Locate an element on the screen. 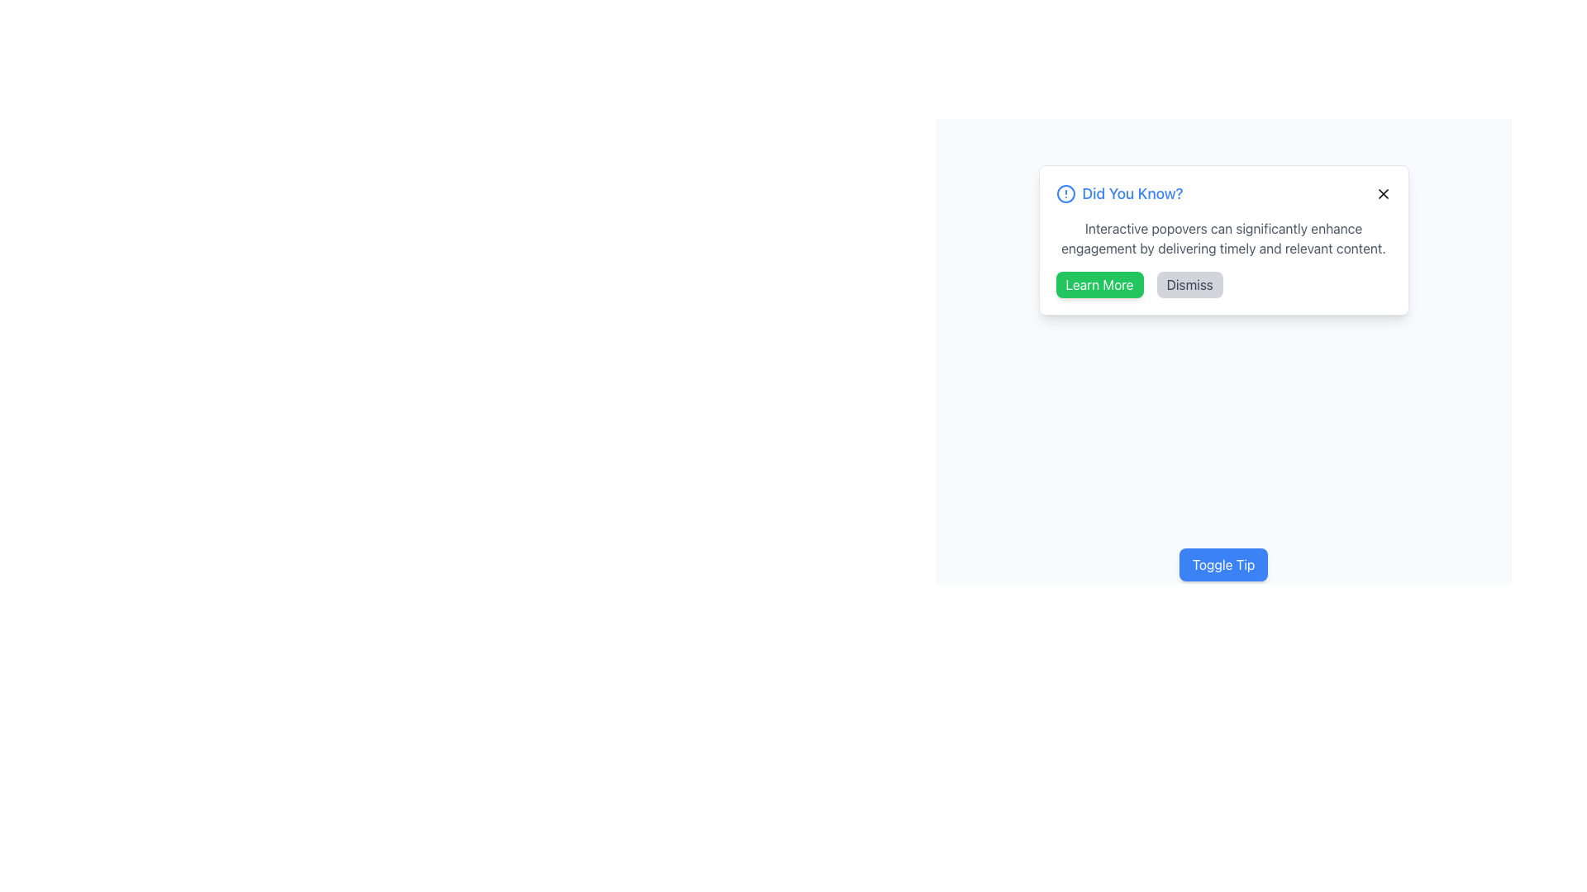 This screenshot has height=892, width=1587. the Text Display element that contains the message 'Interactive popovers can significantly enhance engagement by delivering timely and relevant content.' is located at coordinates (1223, 239).